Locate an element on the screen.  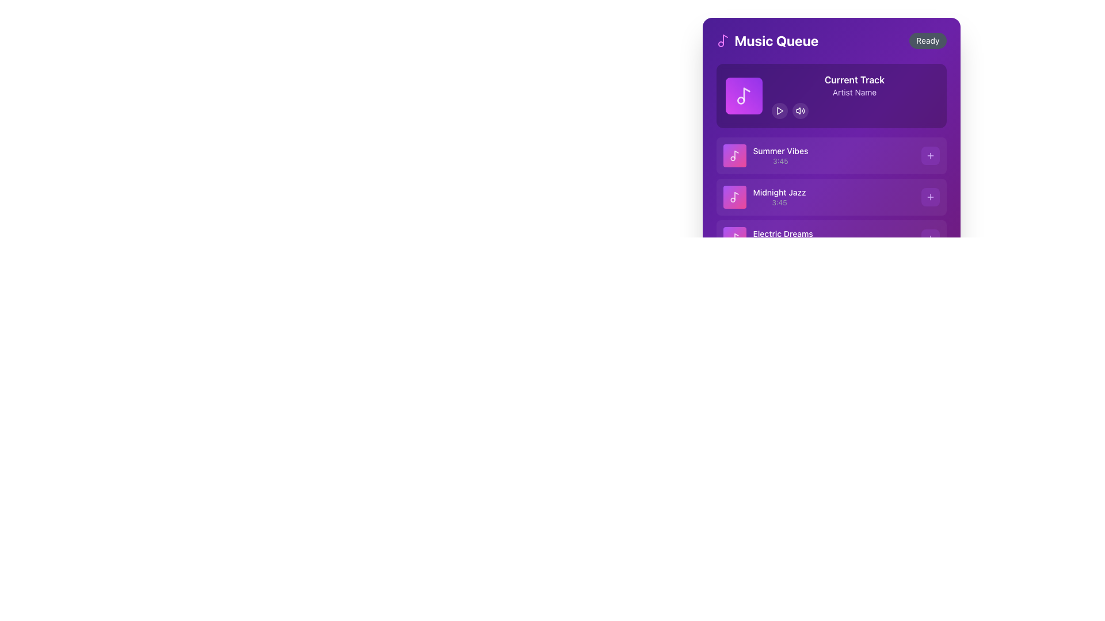
the small rounded rectangular button with a purple-tinted background and a centered plus icon for accessibility navigation is located at coordinates (930, 238).